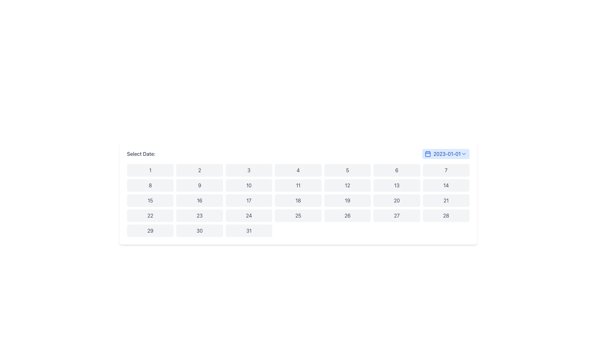 The width and height of the screenshot is (605, 340). Describe the element at coordinates (298, 200) in the screenshot. I see `the button labeled '18' in the calendar grid to navigate via keyboard` at that location.